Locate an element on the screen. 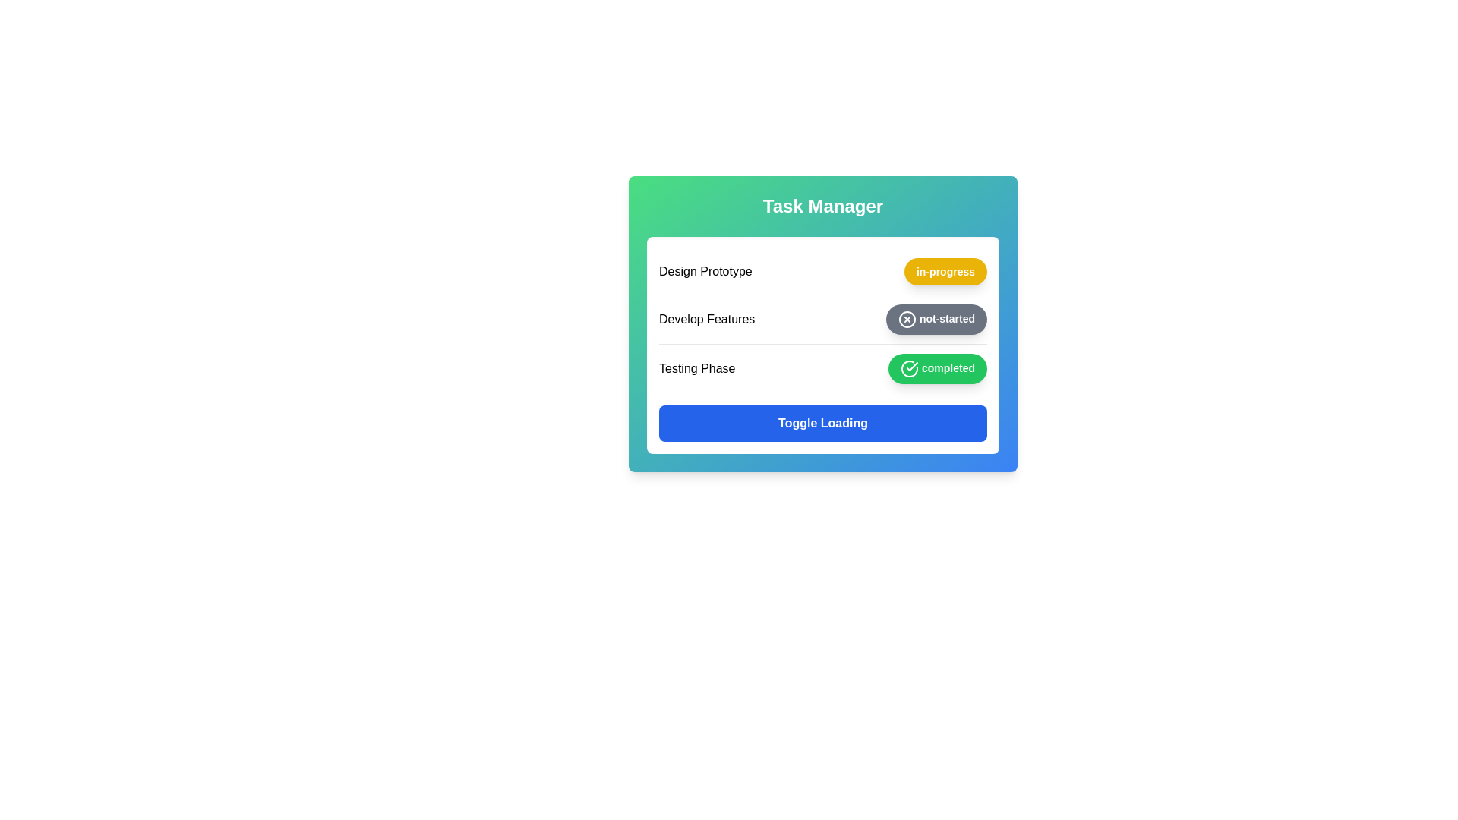  the text label that indicates the name or description of a specific task, located within the 'Task Manager' interface and to the left of the 'in-progress' element is located at coordinates (705, 271).